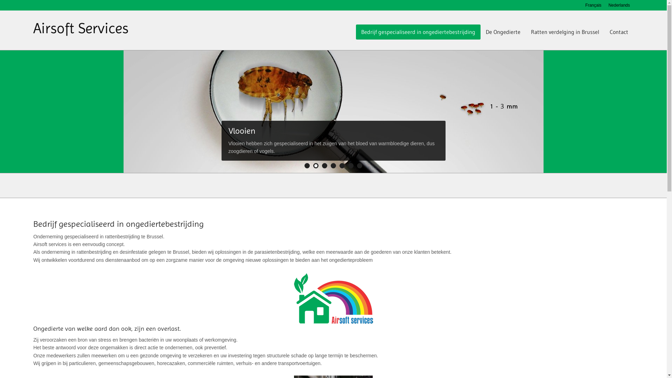 This screenshot has height=378, width=672. What do you see at coordinates (307, 166) in the screenshot?
I see `'1'` at bounding box center [307, 166].